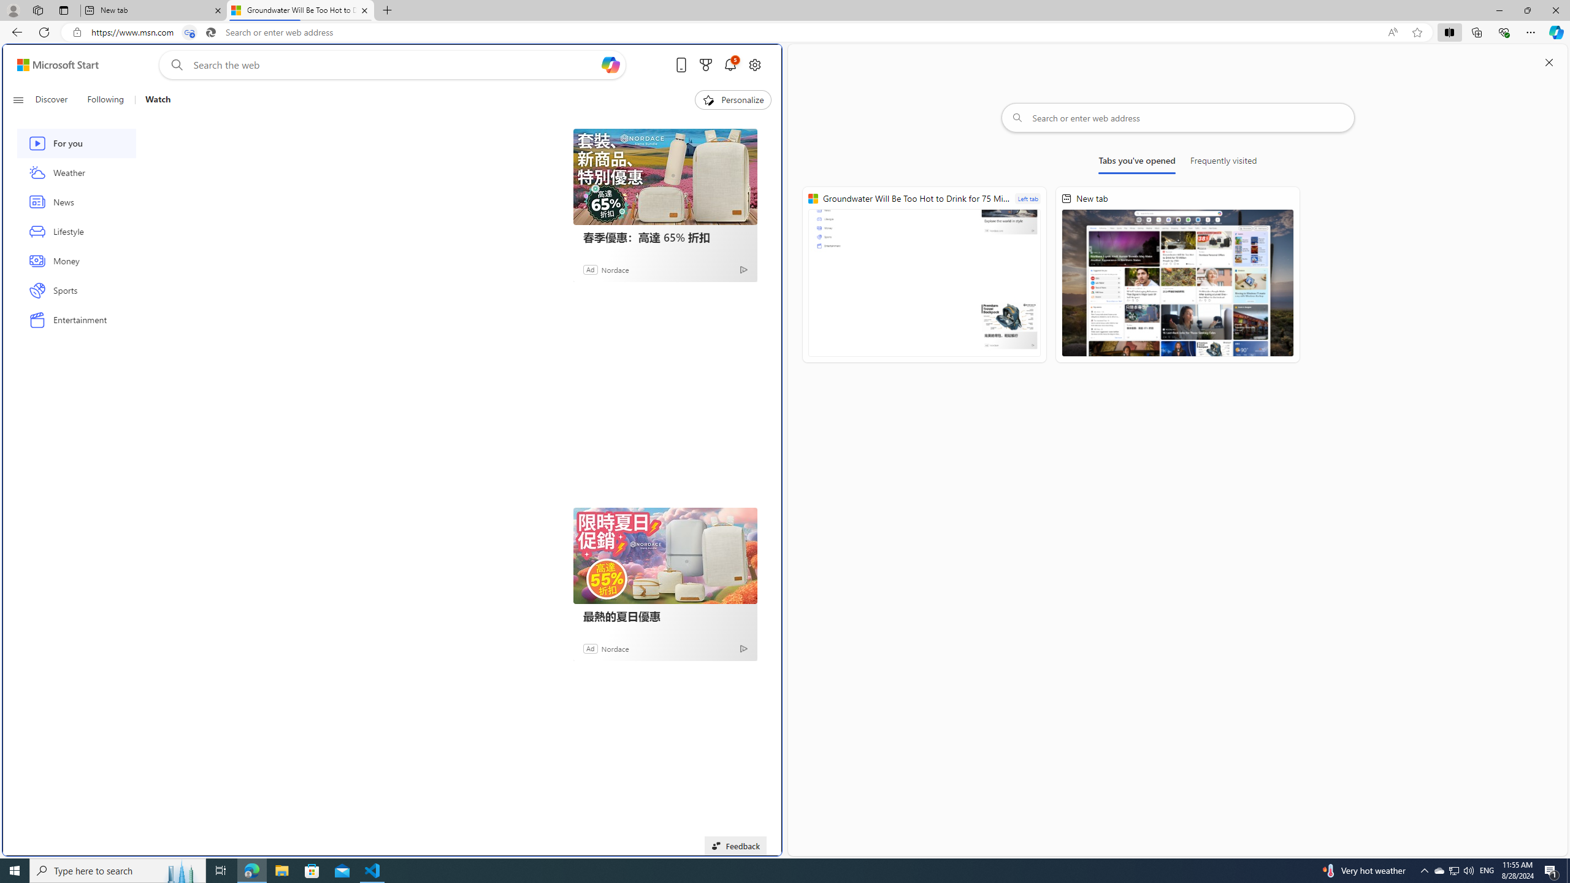 Image resolution: width=1570 pixels, height=883 pixels. What do you see at coordinates (1223, 162) in the screenshot?
I see `'Frequently visited'` at bounding box center [1223, 162].